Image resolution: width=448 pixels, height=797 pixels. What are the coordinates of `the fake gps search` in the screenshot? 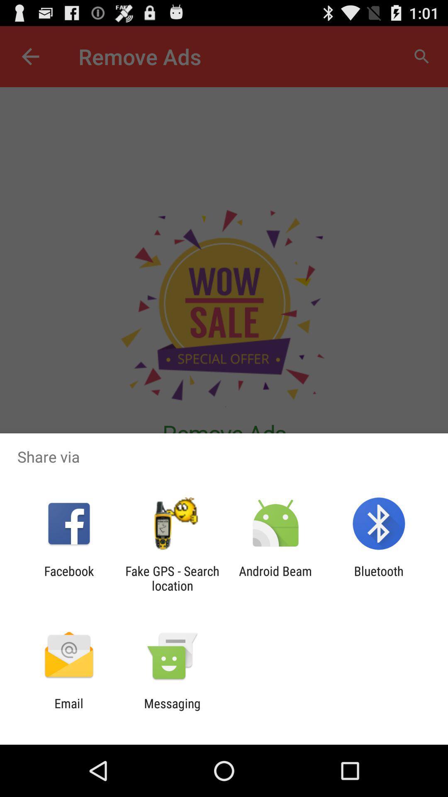 It's located at (172, 578).